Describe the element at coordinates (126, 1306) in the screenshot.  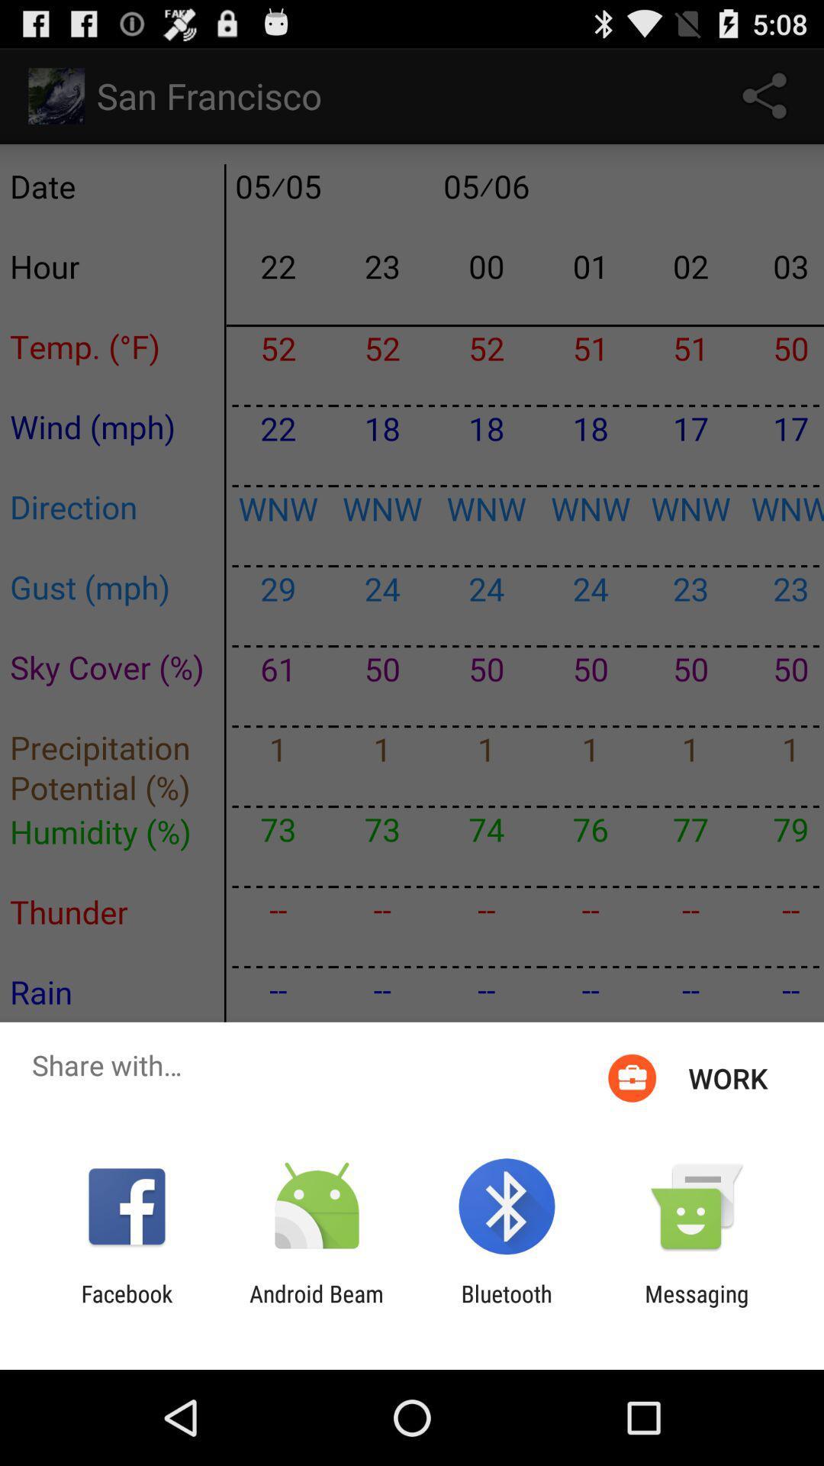
I see `app next to android beam app` at that location.